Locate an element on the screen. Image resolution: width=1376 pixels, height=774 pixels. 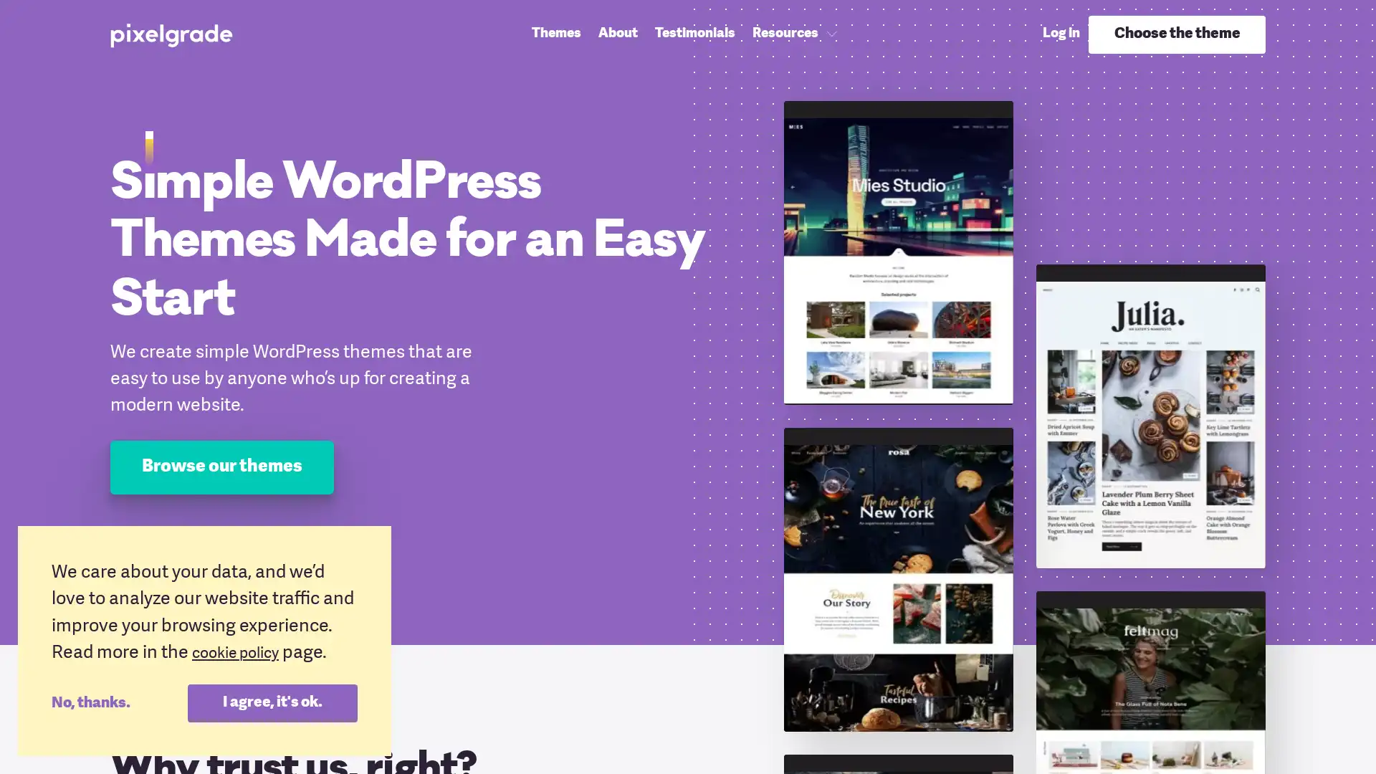
No, thanks. is located at coordinates (119, 702).